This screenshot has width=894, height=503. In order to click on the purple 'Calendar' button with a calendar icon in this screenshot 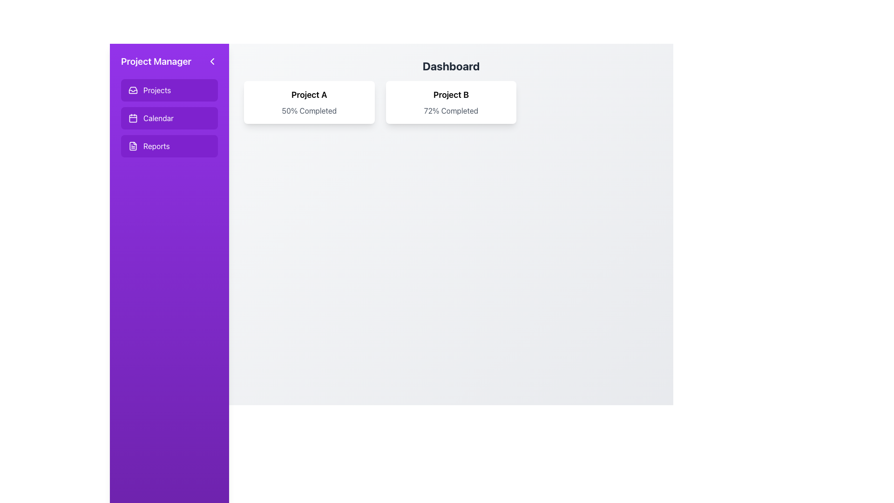, I will do `click(169, 118)`.